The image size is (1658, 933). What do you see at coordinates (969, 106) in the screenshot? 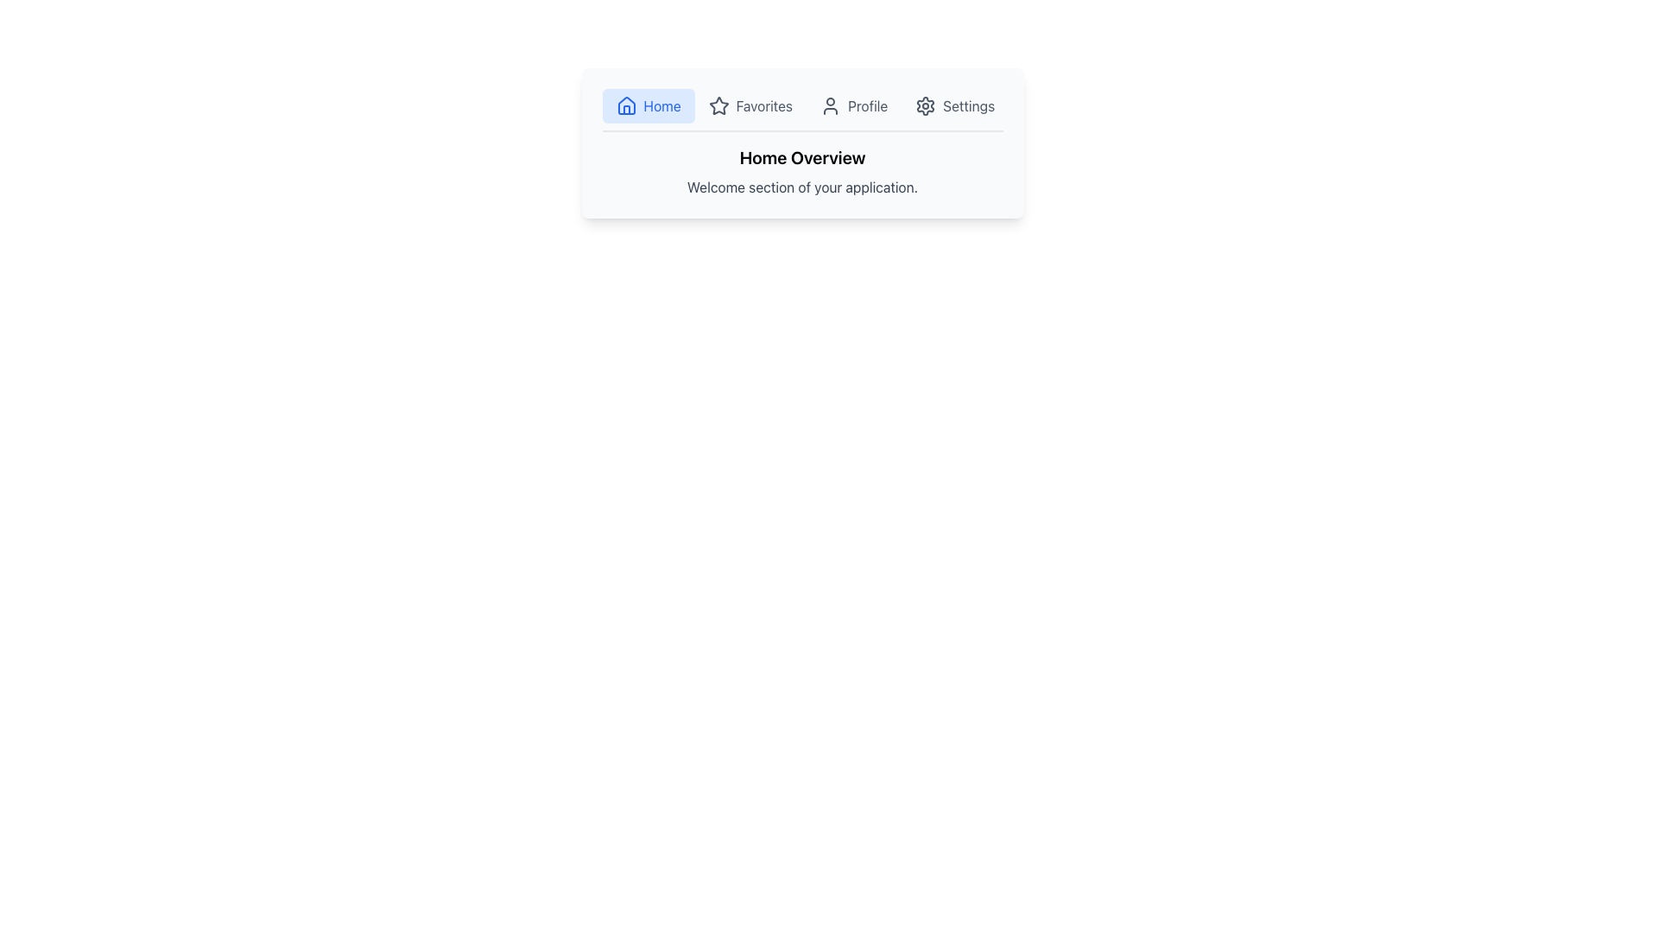
I see `the 'Settings' text label located in the navigation bar, which is the fourth item from the left` at bounding box center [969, 106].